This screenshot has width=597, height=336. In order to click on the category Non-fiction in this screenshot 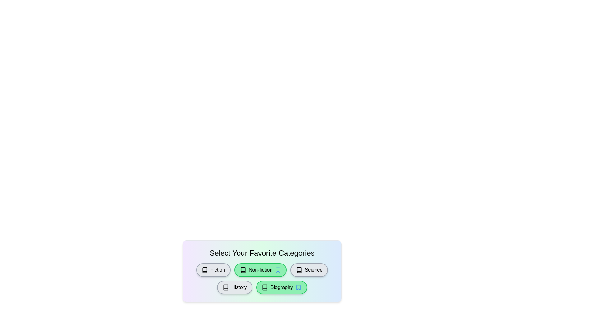, I will do `click(261, 269)`.